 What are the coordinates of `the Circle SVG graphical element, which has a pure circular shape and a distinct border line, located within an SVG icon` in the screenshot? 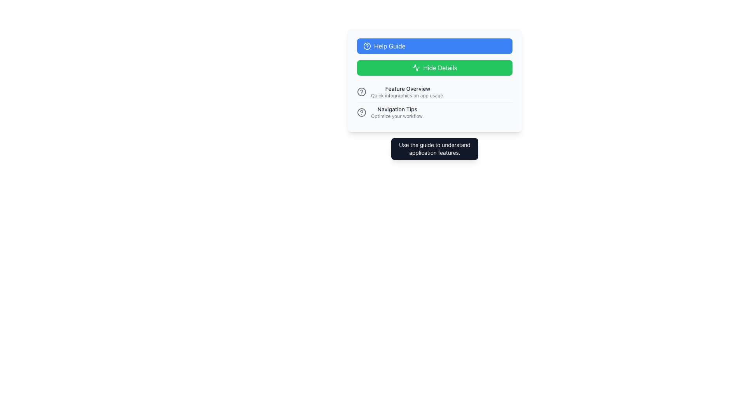 It's located at (361, 91).